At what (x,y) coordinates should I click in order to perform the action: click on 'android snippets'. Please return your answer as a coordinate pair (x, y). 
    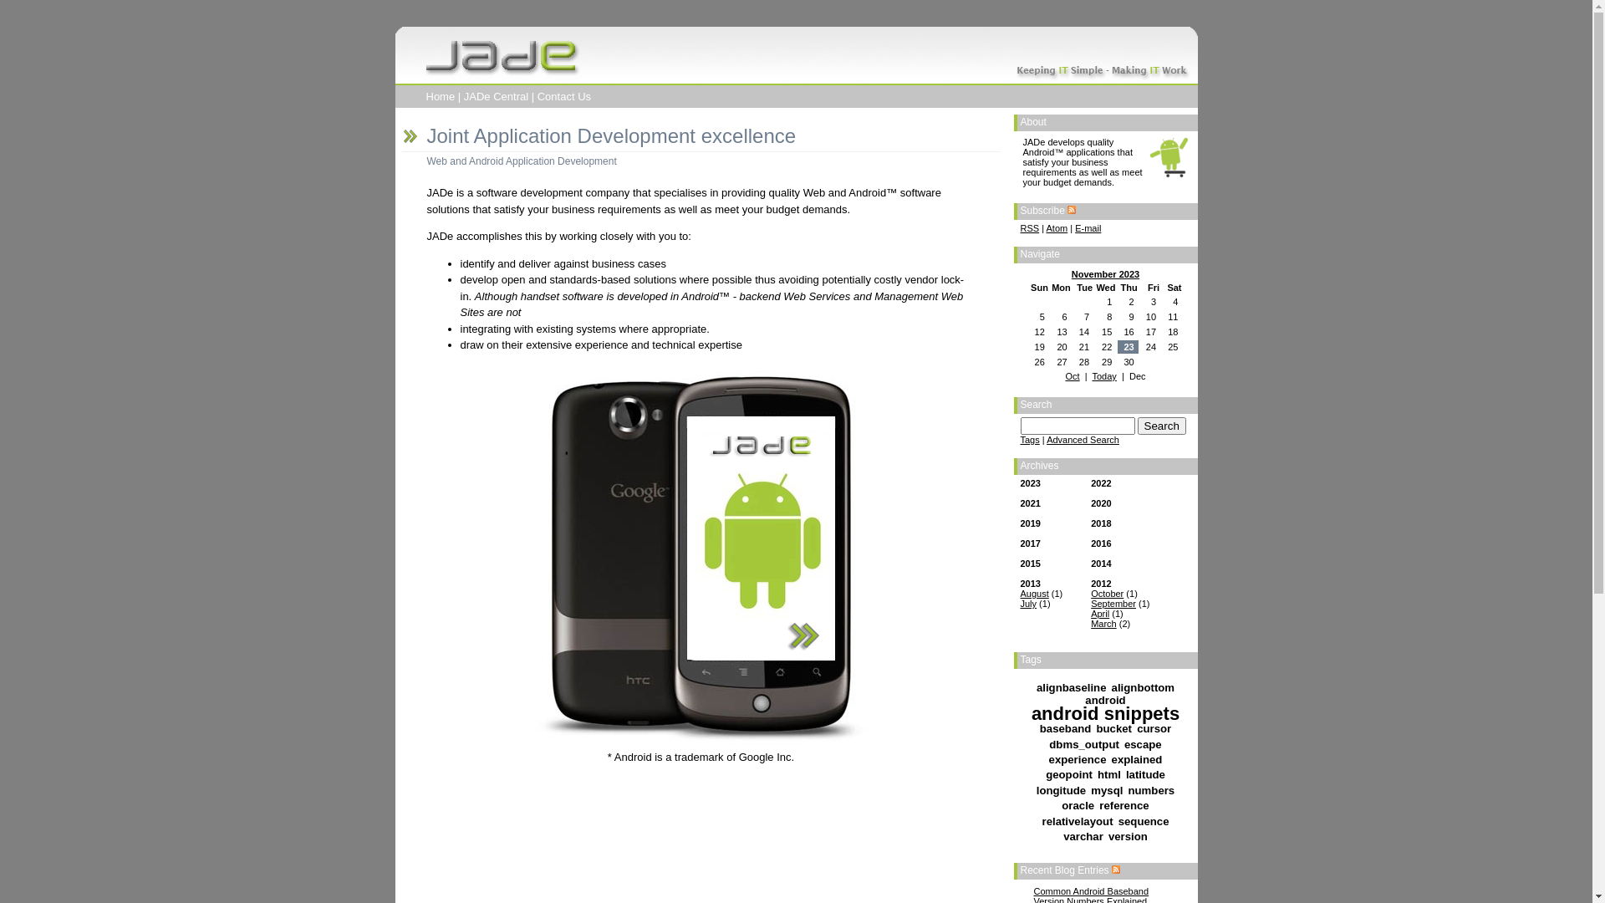
    Looking at the image, I should click on (1105, 713).